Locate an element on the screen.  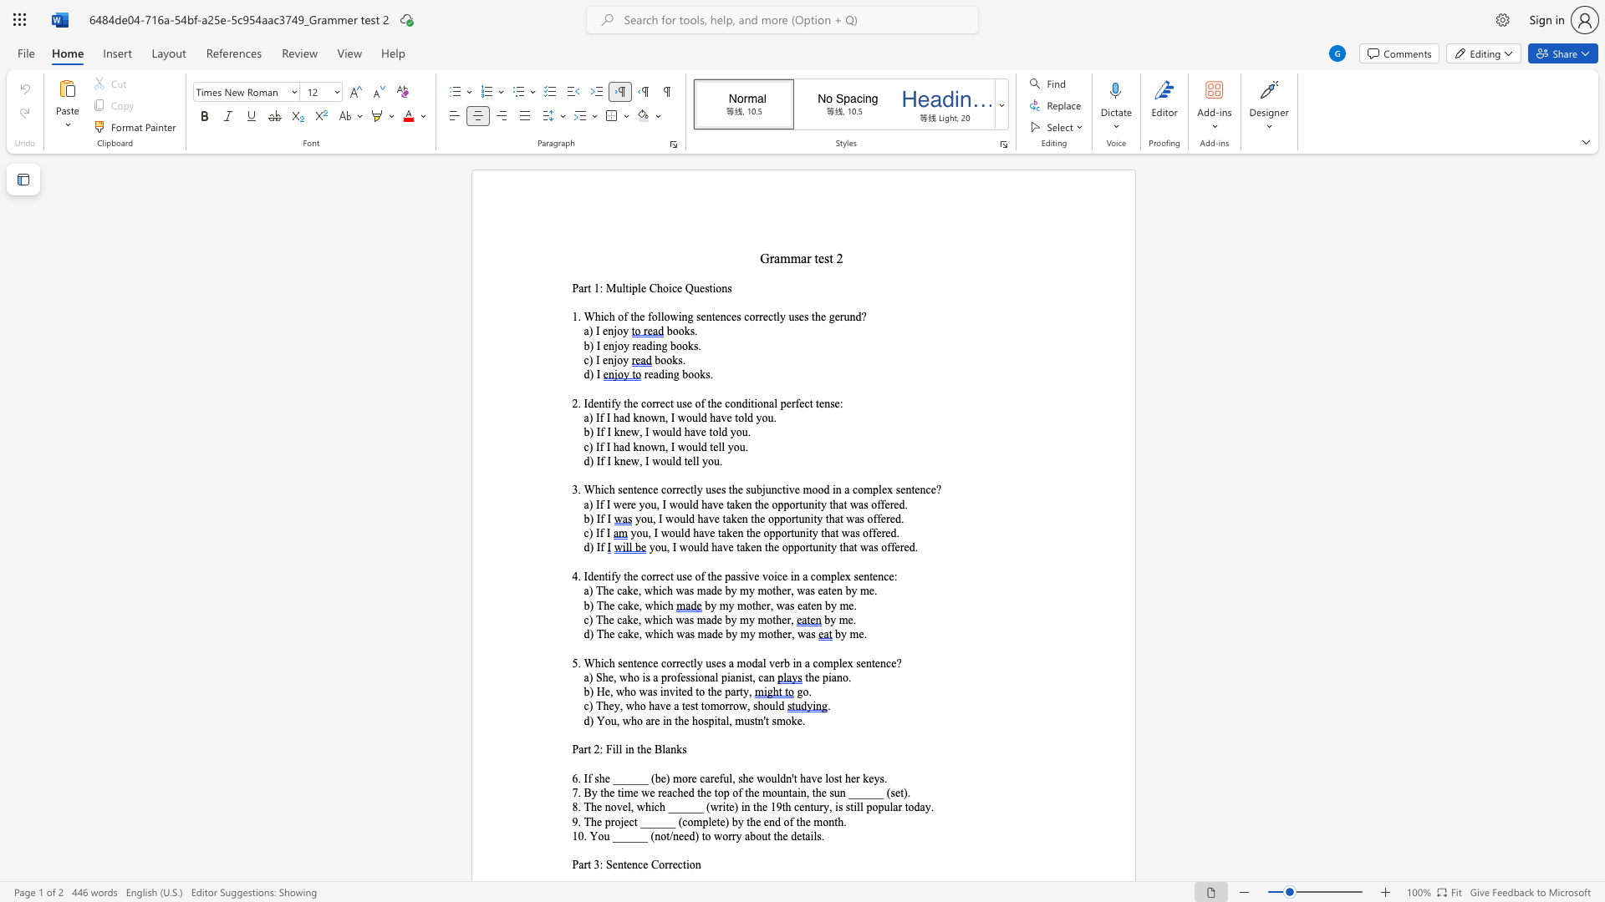
the space between the continuous character "t" and "e" in the text is located at coordinates (818, 258).